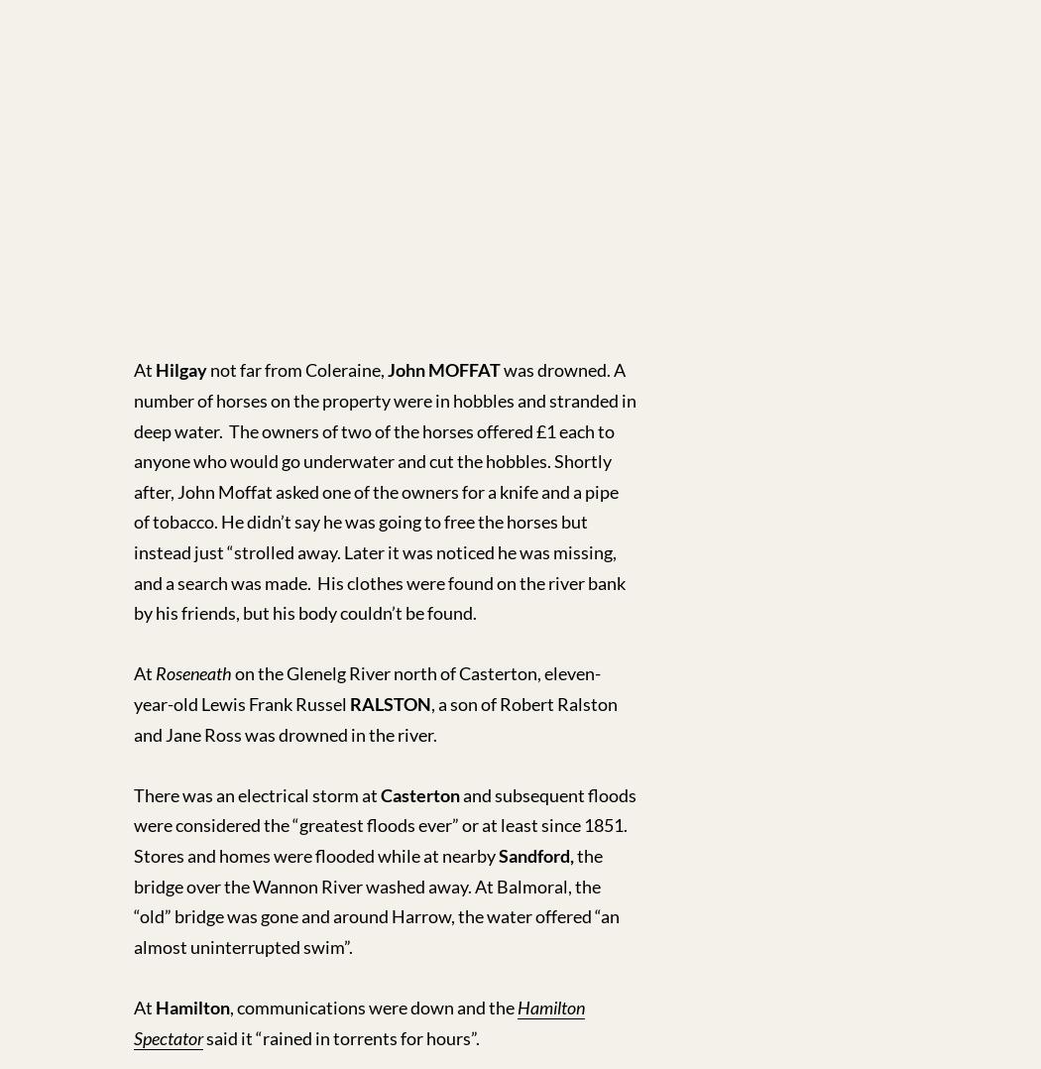 This screenshot has height=1069, width=1041. Describe the element at coordinates (366, 687) in the screenshot. I see `'on the Glenelg River north of Casterton, eleven-year-old Lewis Frank Russel'` at that location.